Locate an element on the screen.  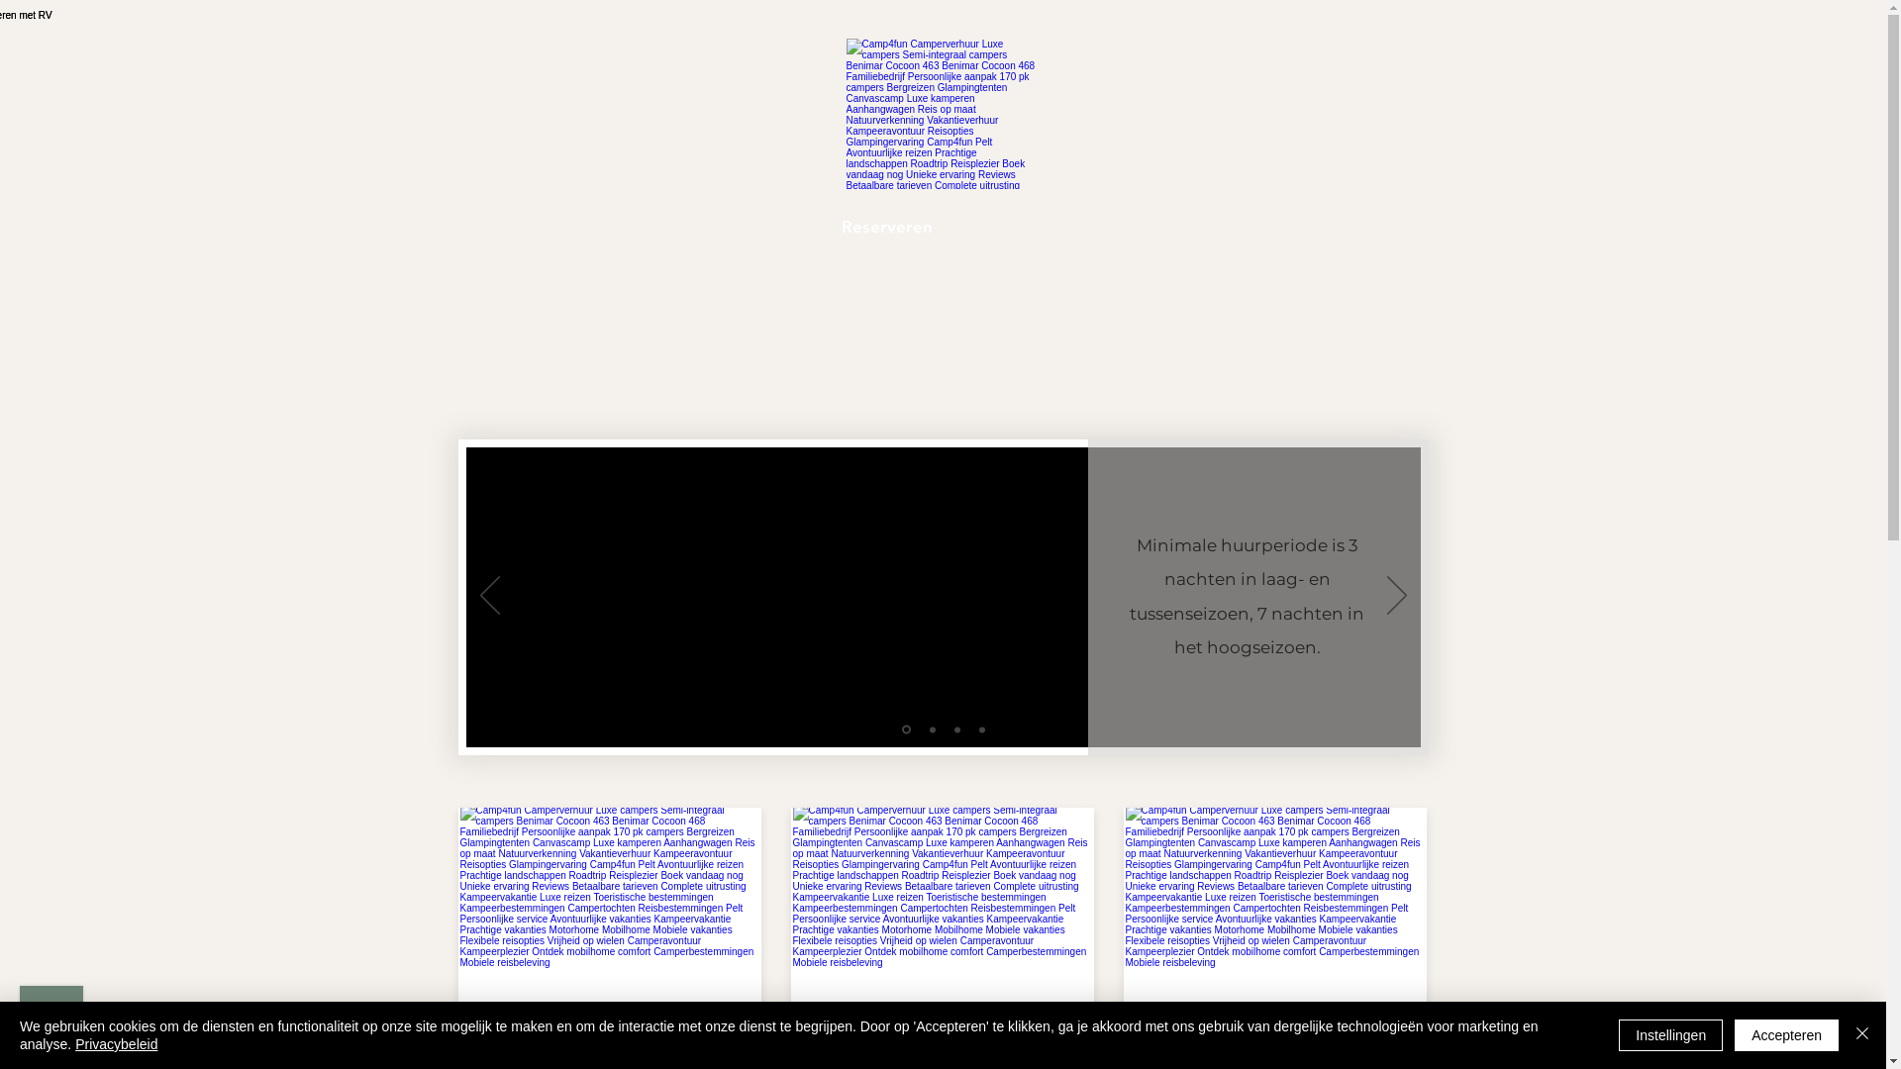
'Accepteren' is located at coordinates (1786, 1033).